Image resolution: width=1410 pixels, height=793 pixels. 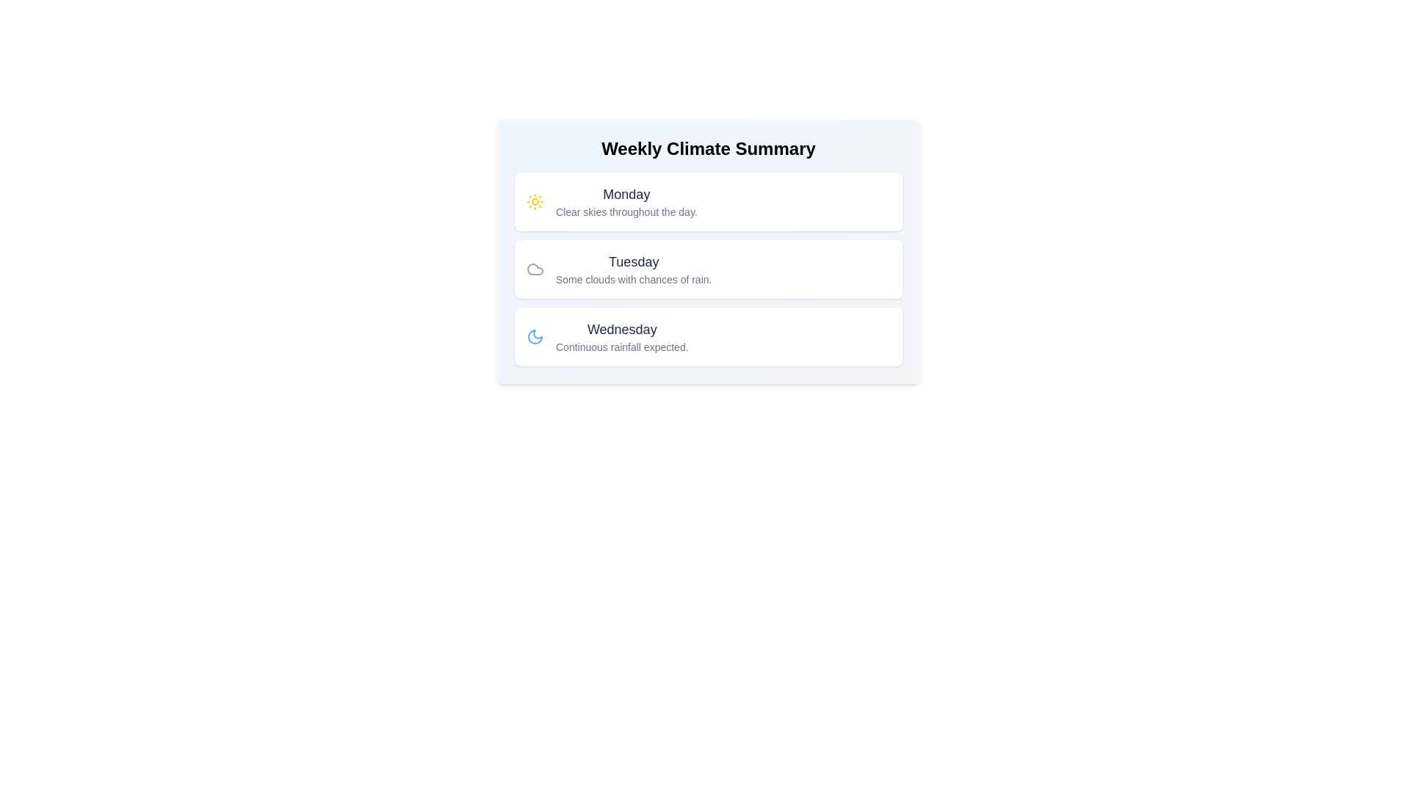 What do you see at coordinates (708, 269) in the screenshot?
I see `the record for Tuesday` at bounding box center [708, 269].